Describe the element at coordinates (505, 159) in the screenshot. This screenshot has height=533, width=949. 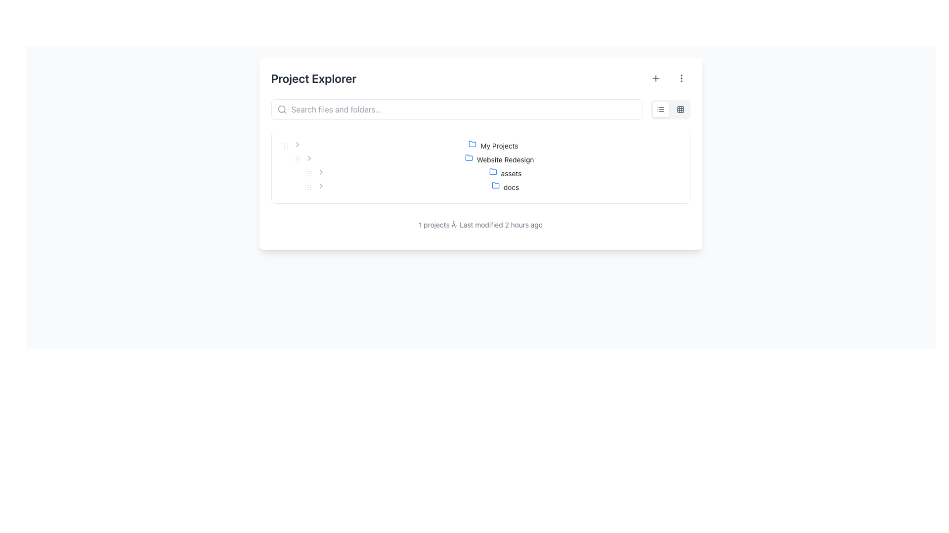
I see `the text label for the 'Website Redesign' folder in the project explorer` at that location.